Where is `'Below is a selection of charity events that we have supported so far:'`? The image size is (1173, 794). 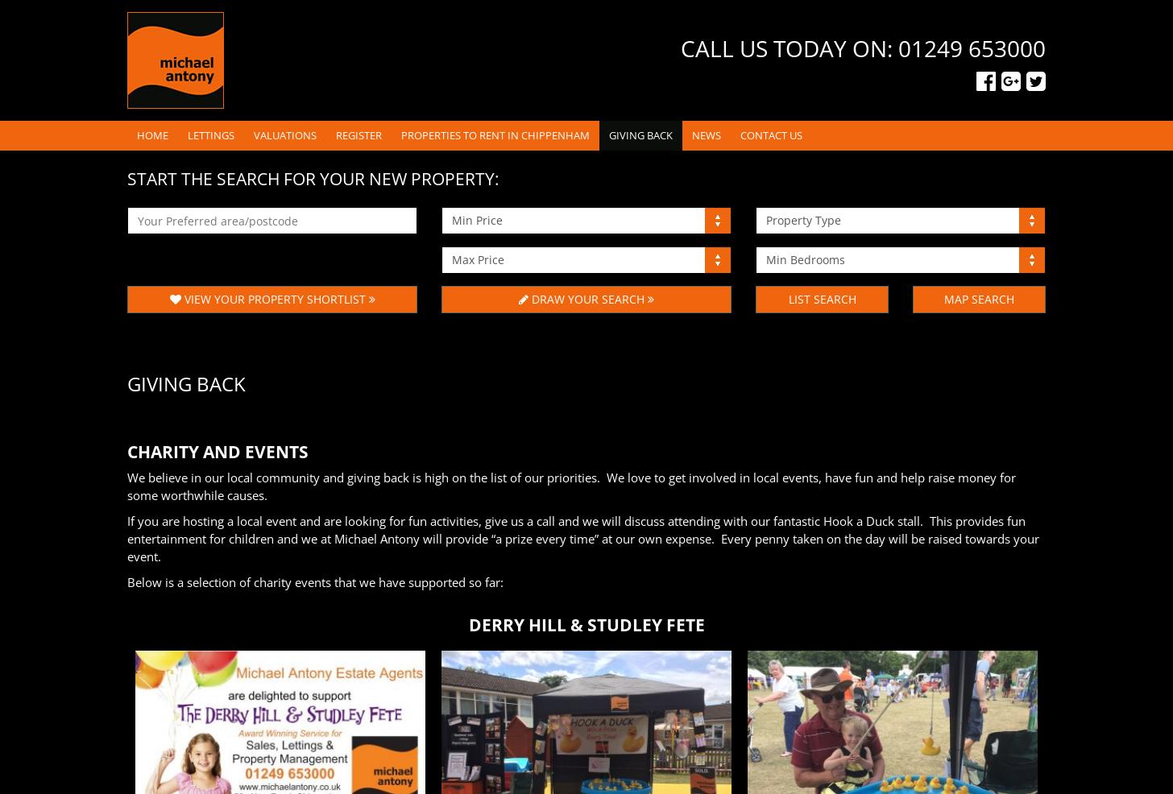
'Below is a selection of charity events that we have supported so far:' is located at coordinates (315, 581).